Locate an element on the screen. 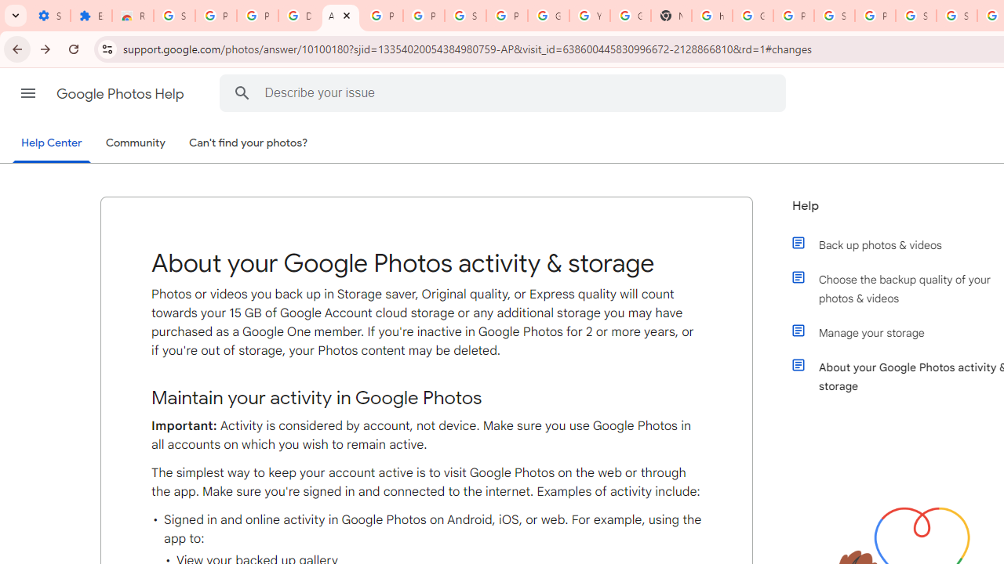 The image size is (1004, 564). 'https://scholar.google.com/' is located at coordinates (711, 16).